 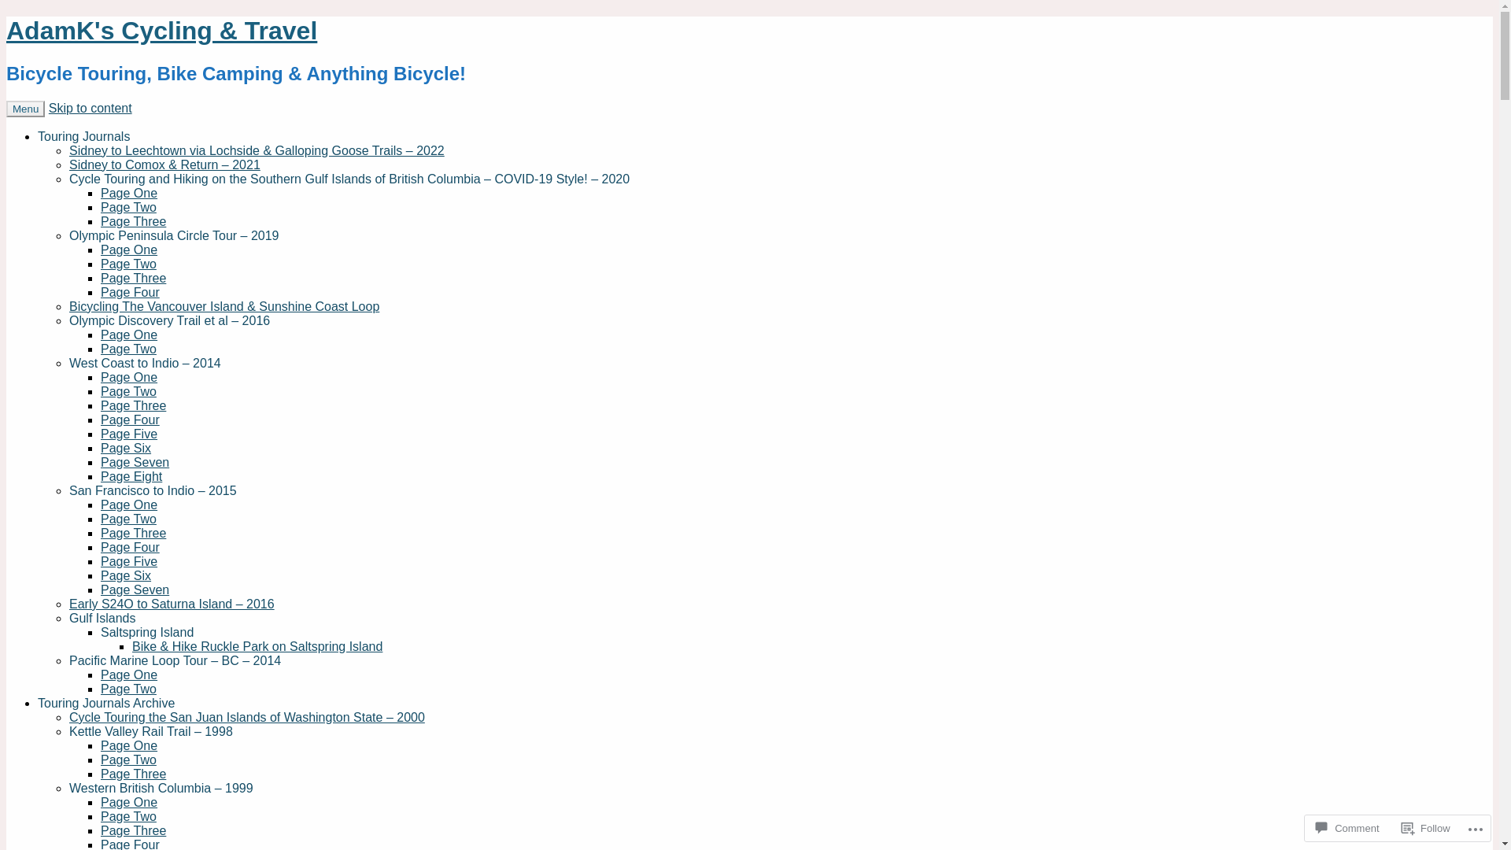 I want to click on 'Menu', so click(x=25, y=108).